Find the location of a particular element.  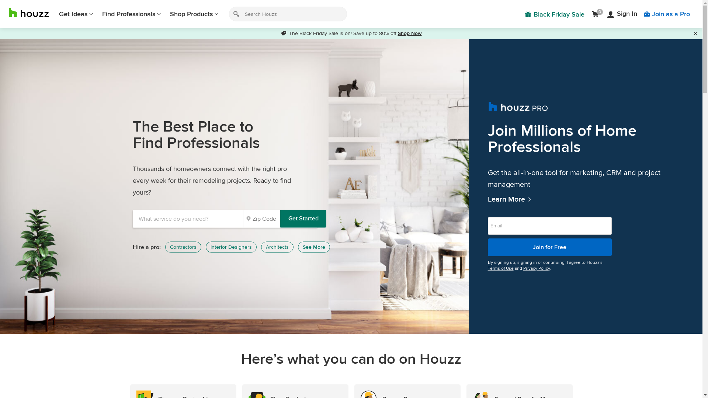

'Find Professionals' is located at coordinates (131, 14).